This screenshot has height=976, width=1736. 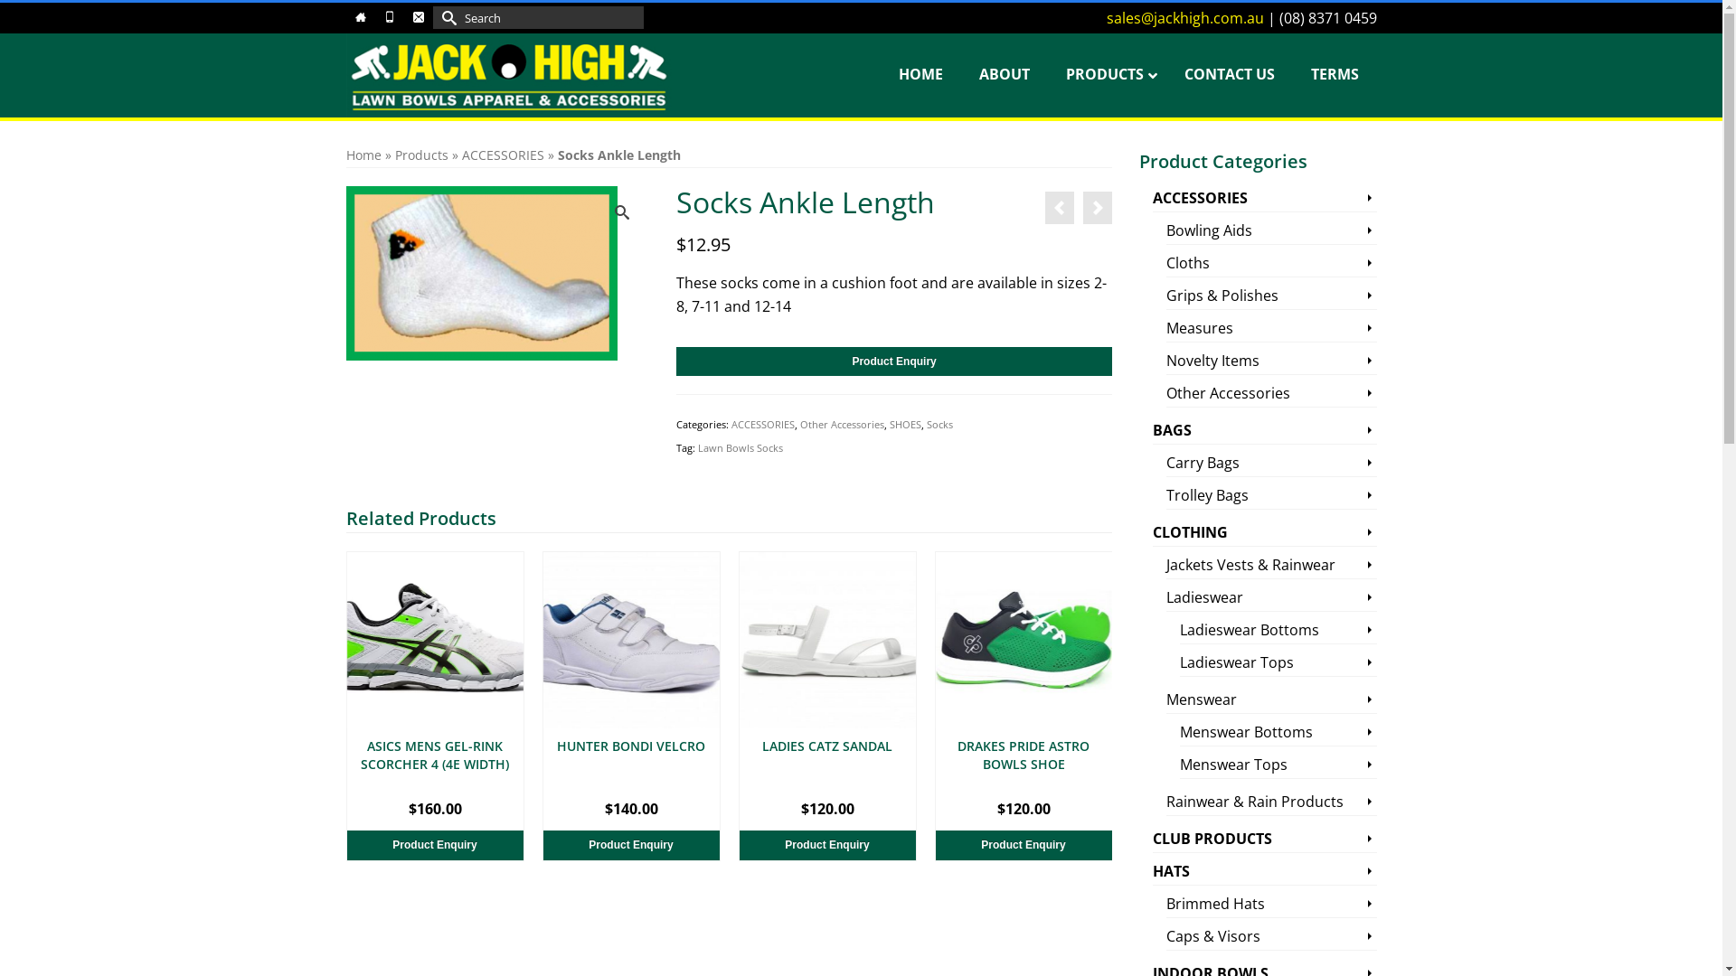 What do you see at coordinates (1270, 935) in the screenshot?
I see `'Caps & Visors'` at bounding box center [1270, 935].